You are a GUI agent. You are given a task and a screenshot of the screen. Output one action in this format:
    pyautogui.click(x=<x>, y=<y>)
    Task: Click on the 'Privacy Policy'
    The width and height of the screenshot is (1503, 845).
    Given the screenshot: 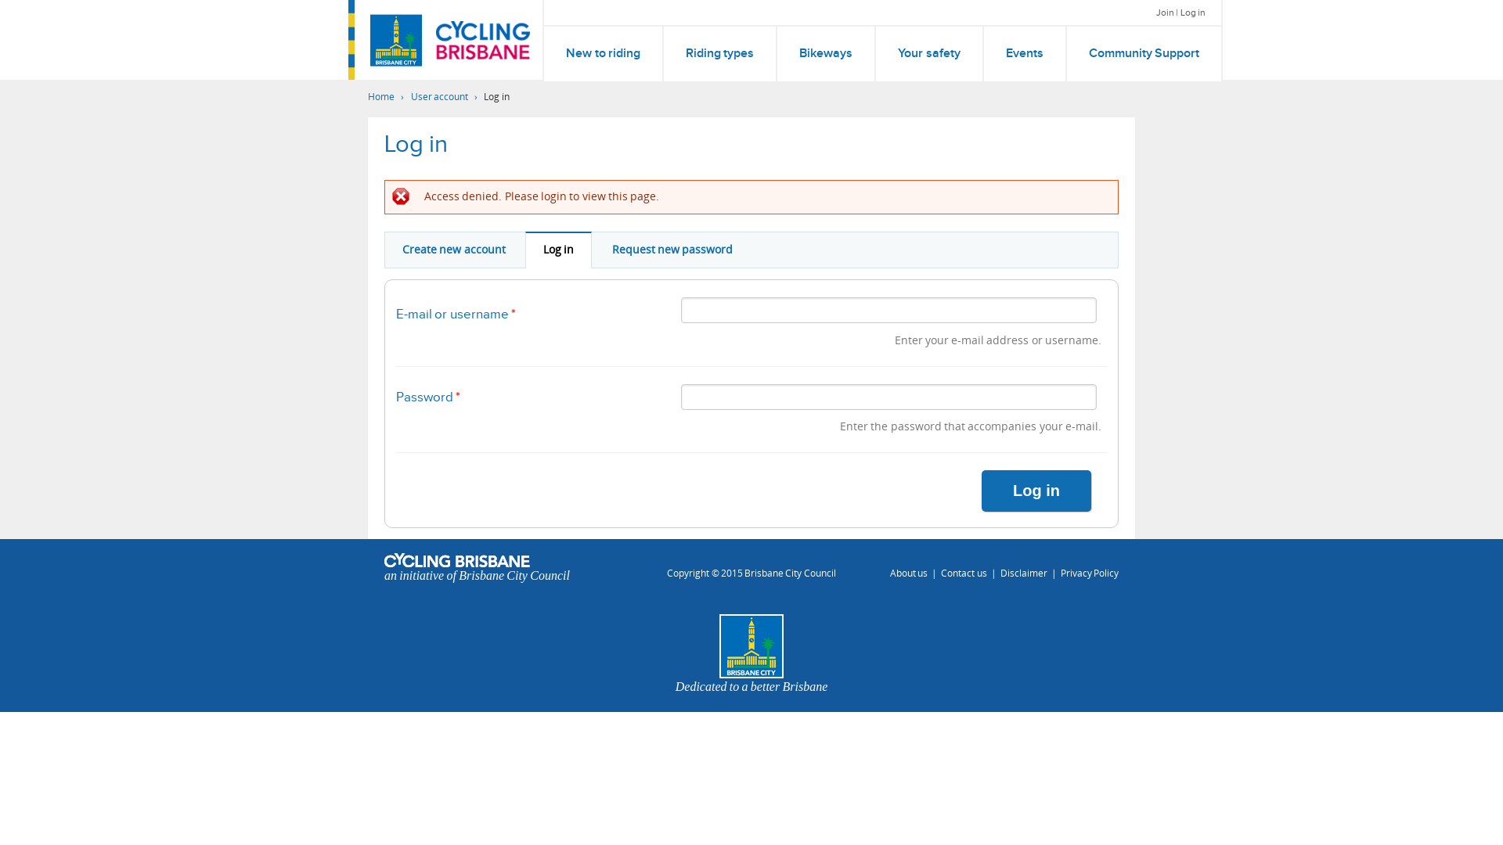 What is the action you would take?
    pyautogui.click(x=1089, y=573)
    